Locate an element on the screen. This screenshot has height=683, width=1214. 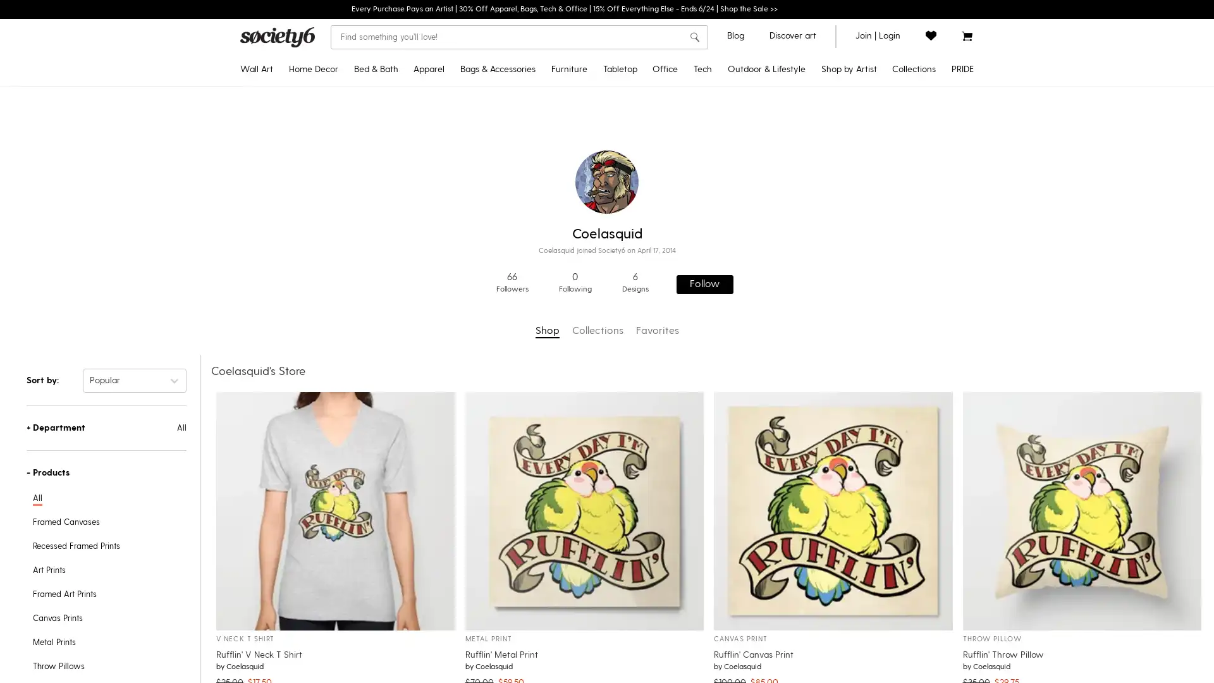
Cutting Boards is located at coordinates (643, 263).